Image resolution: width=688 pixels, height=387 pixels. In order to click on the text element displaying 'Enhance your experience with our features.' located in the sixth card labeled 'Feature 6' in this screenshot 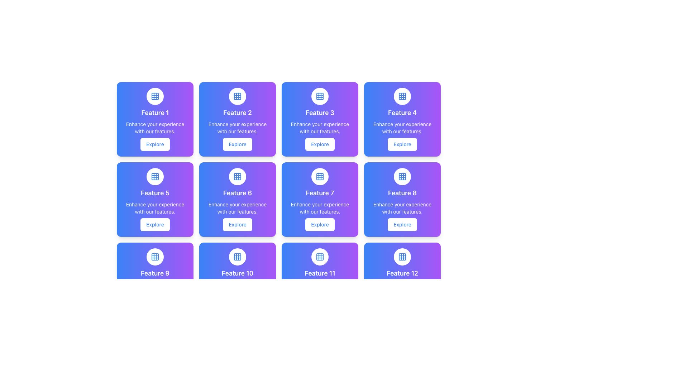, I will do `click(237, 208)`.